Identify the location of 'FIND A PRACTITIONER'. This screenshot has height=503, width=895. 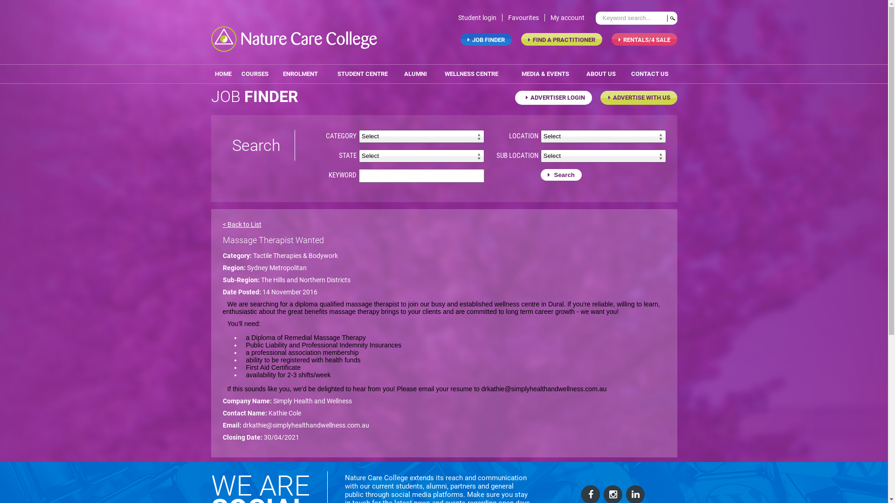
(521, 39).